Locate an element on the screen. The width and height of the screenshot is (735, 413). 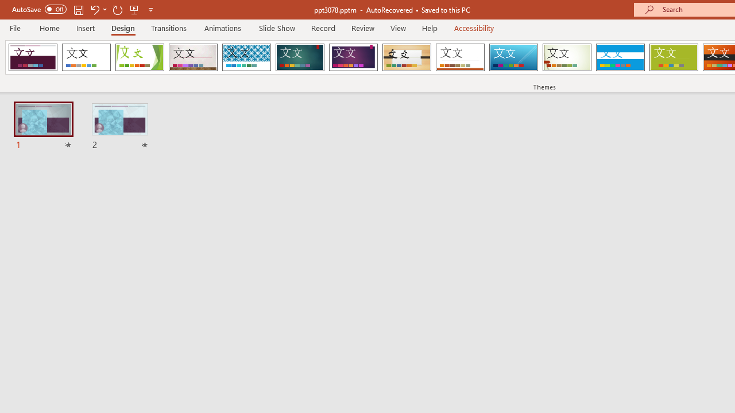
'Slice' is located at coordinates (513, 57).